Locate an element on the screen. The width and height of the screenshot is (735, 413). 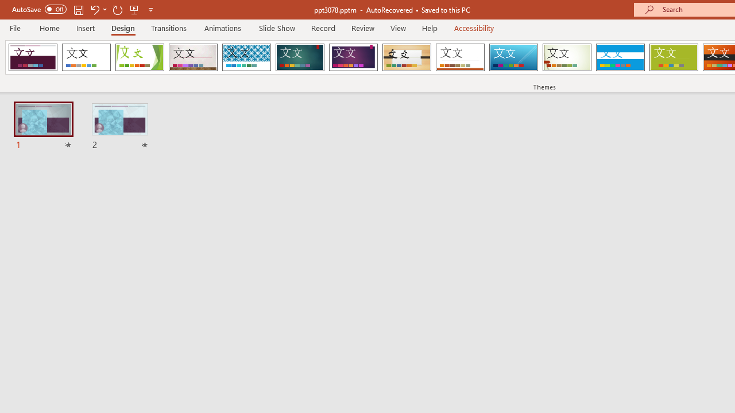
'Slice' is located at coordinates (513, 57).